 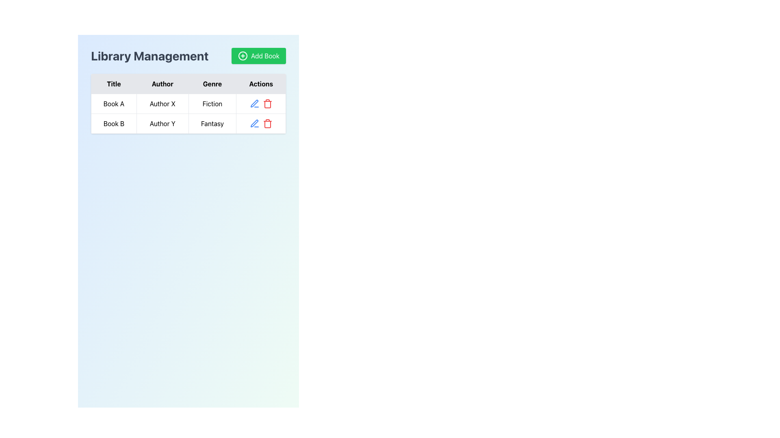 What do you see at coordinates (242, 56) in the screenshot?
I see `the circular graphic component of the icon located near the top-right corner of the interface, which is part of the 'Add Book' button` at bounding box center [242, 56].